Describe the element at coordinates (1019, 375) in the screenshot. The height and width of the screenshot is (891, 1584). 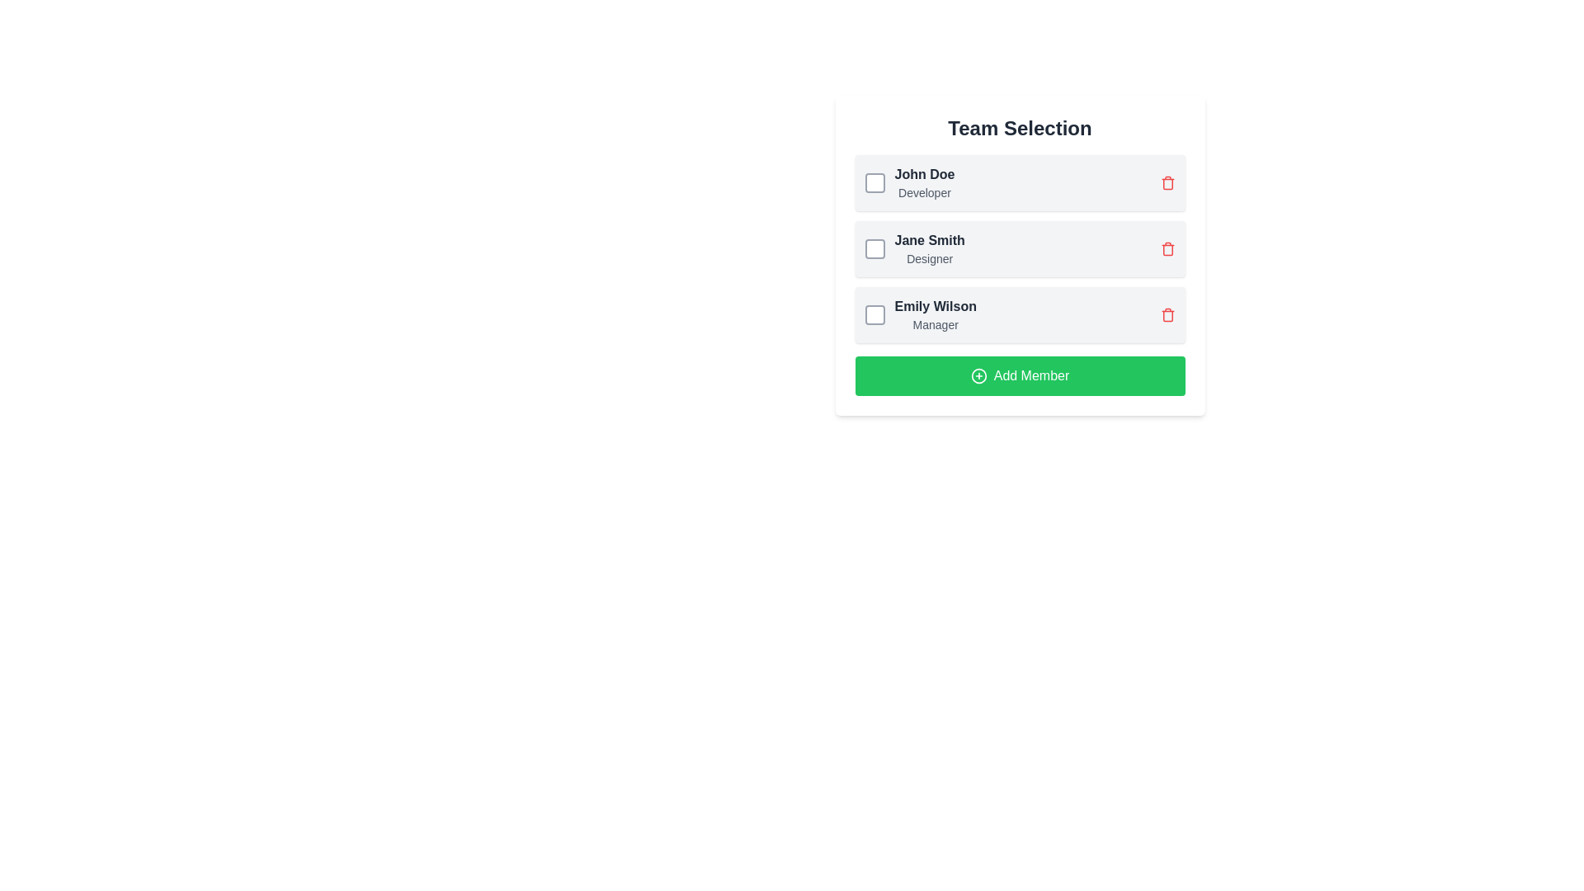
I see `the button located at the bottom of the 'Team Selection' panel` at that location.